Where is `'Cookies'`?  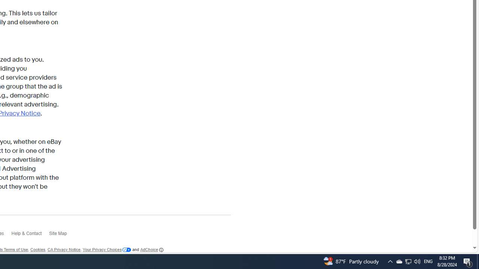 'Cookies' is located at coordinates (37, 250).